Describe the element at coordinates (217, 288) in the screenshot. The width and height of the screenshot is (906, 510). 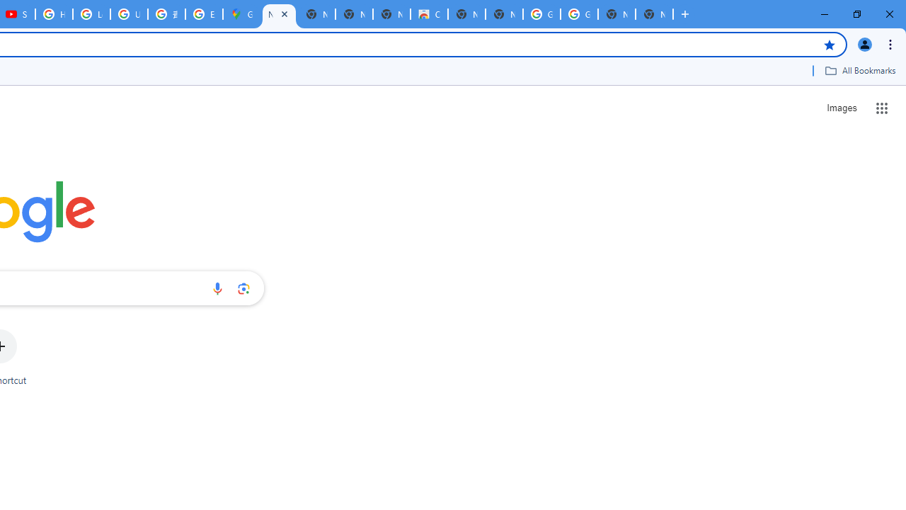
I see `'Search by voice'` at that location.